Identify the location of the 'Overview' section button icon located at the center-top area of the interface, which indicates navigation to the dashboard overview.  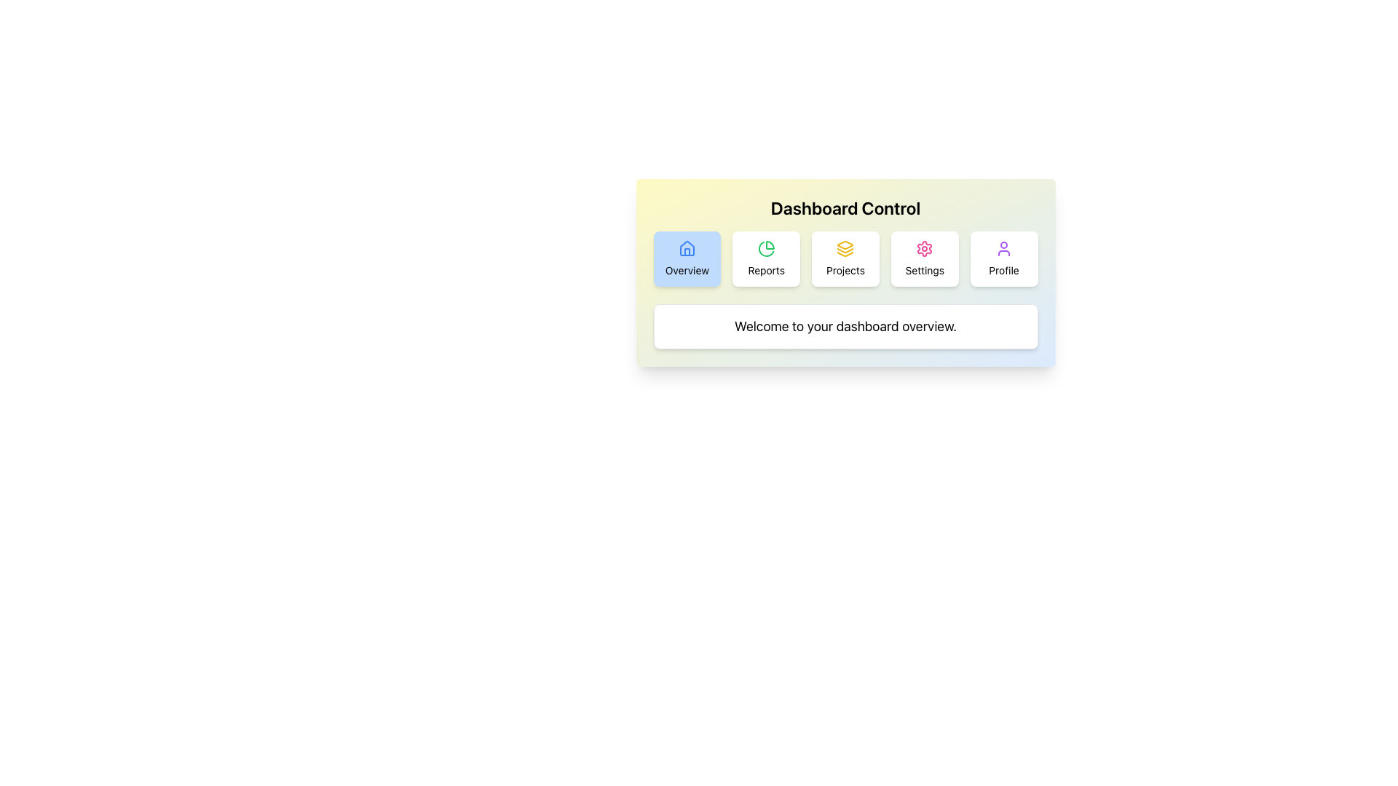
(686, 248).